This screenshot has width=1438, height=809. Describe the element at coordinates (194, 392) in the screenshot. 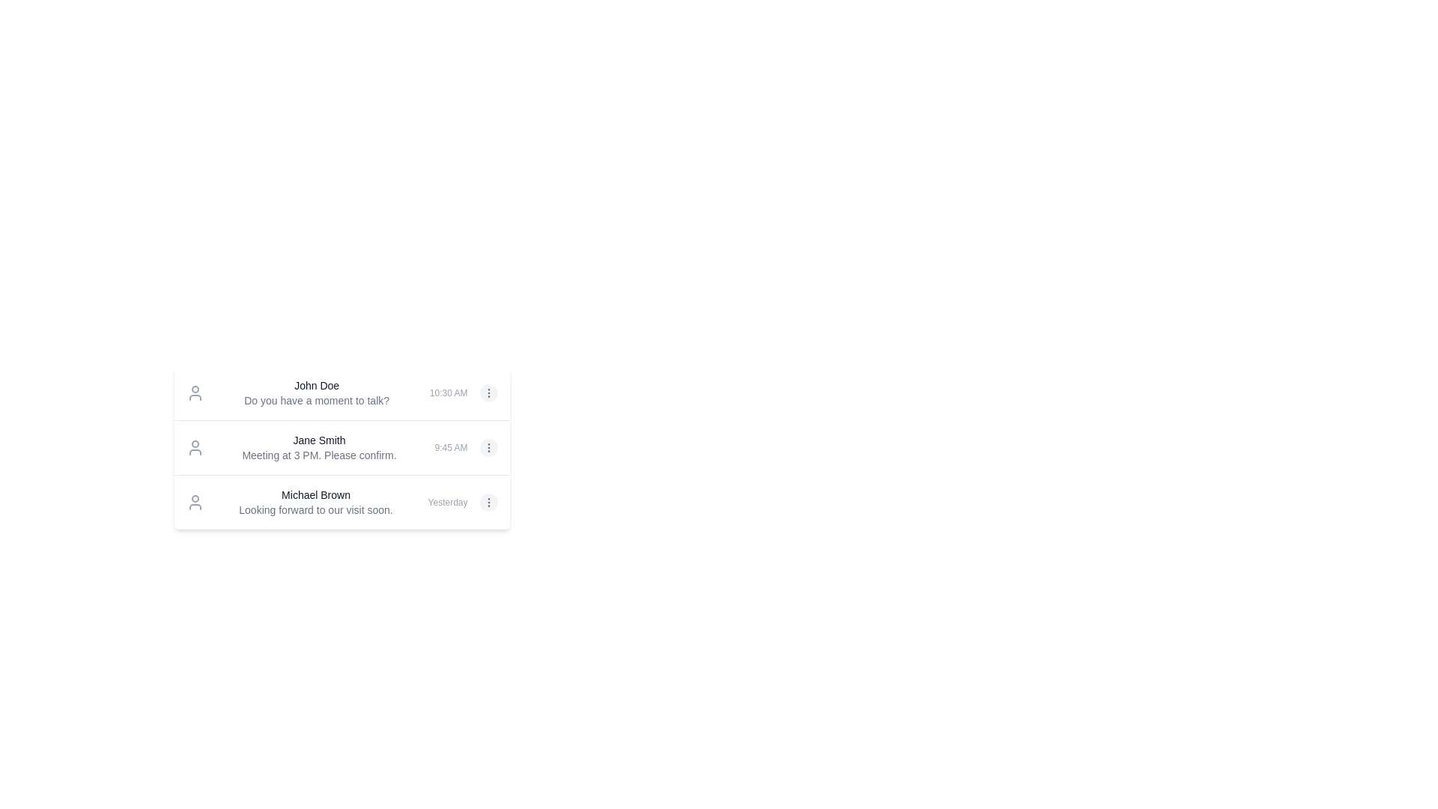

I see `the user icon representing 'John Doe' located on the left side of the row, adjacent to the name and message content` at that location.